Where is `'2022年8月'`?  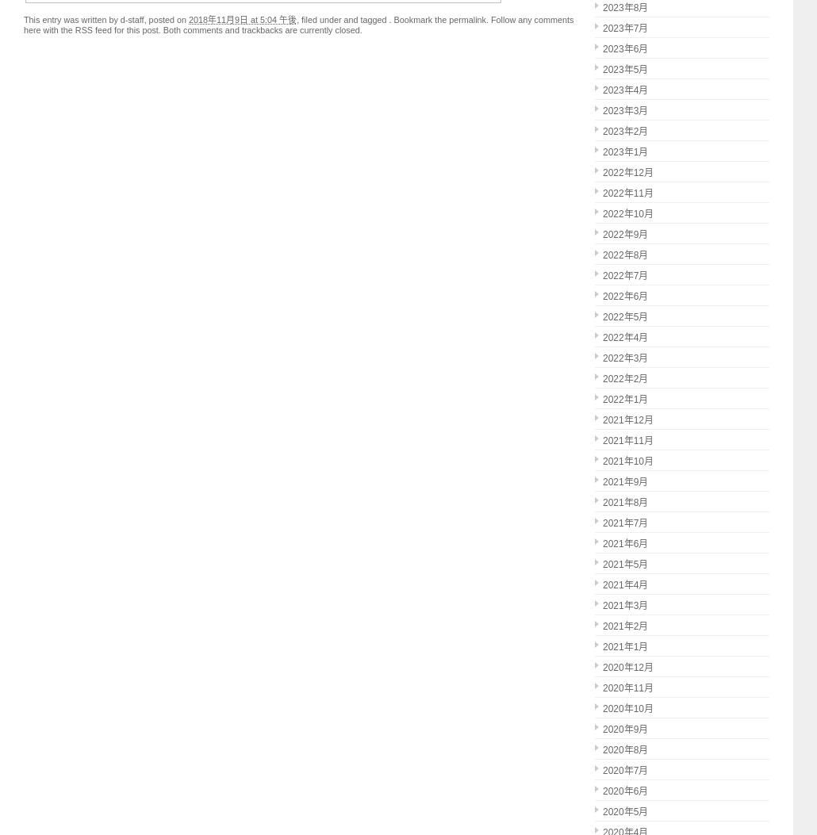
'2022年8月' is located at coordinates (624, 255).